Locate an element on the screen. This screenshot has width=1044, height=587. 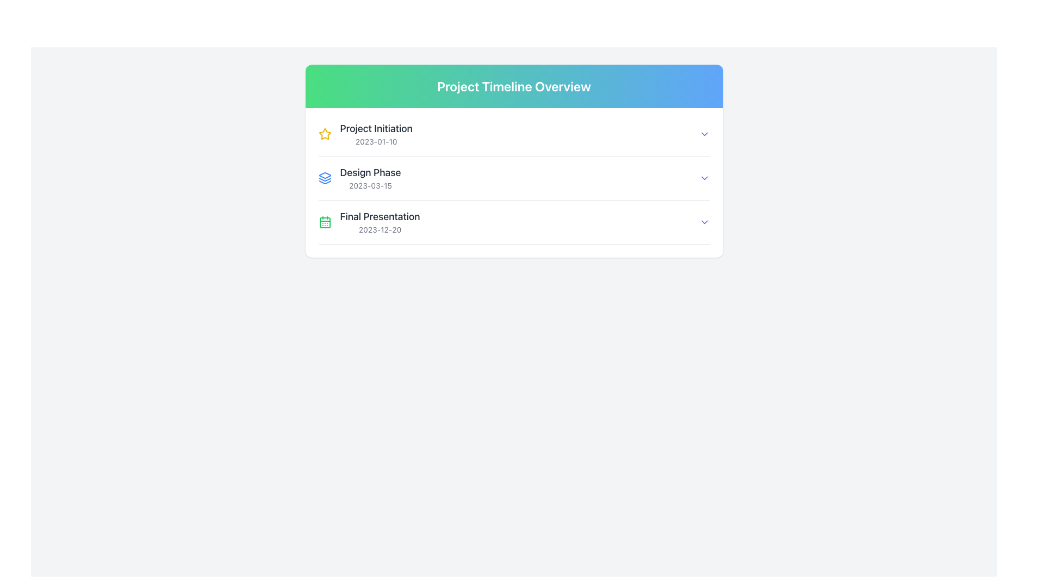
the date label '2023-03-15' displayed in smaller gray text below 'Design Phase' in the vertical timeline structure is located at coordinates (370, 185).